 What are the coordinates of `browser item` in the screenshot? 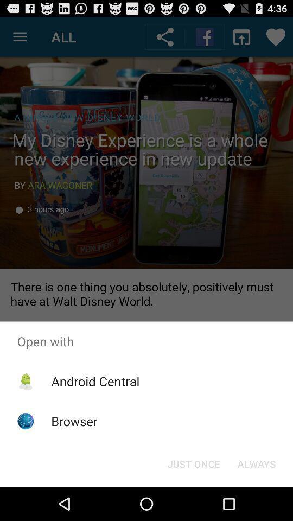 It's located at (74, 421).